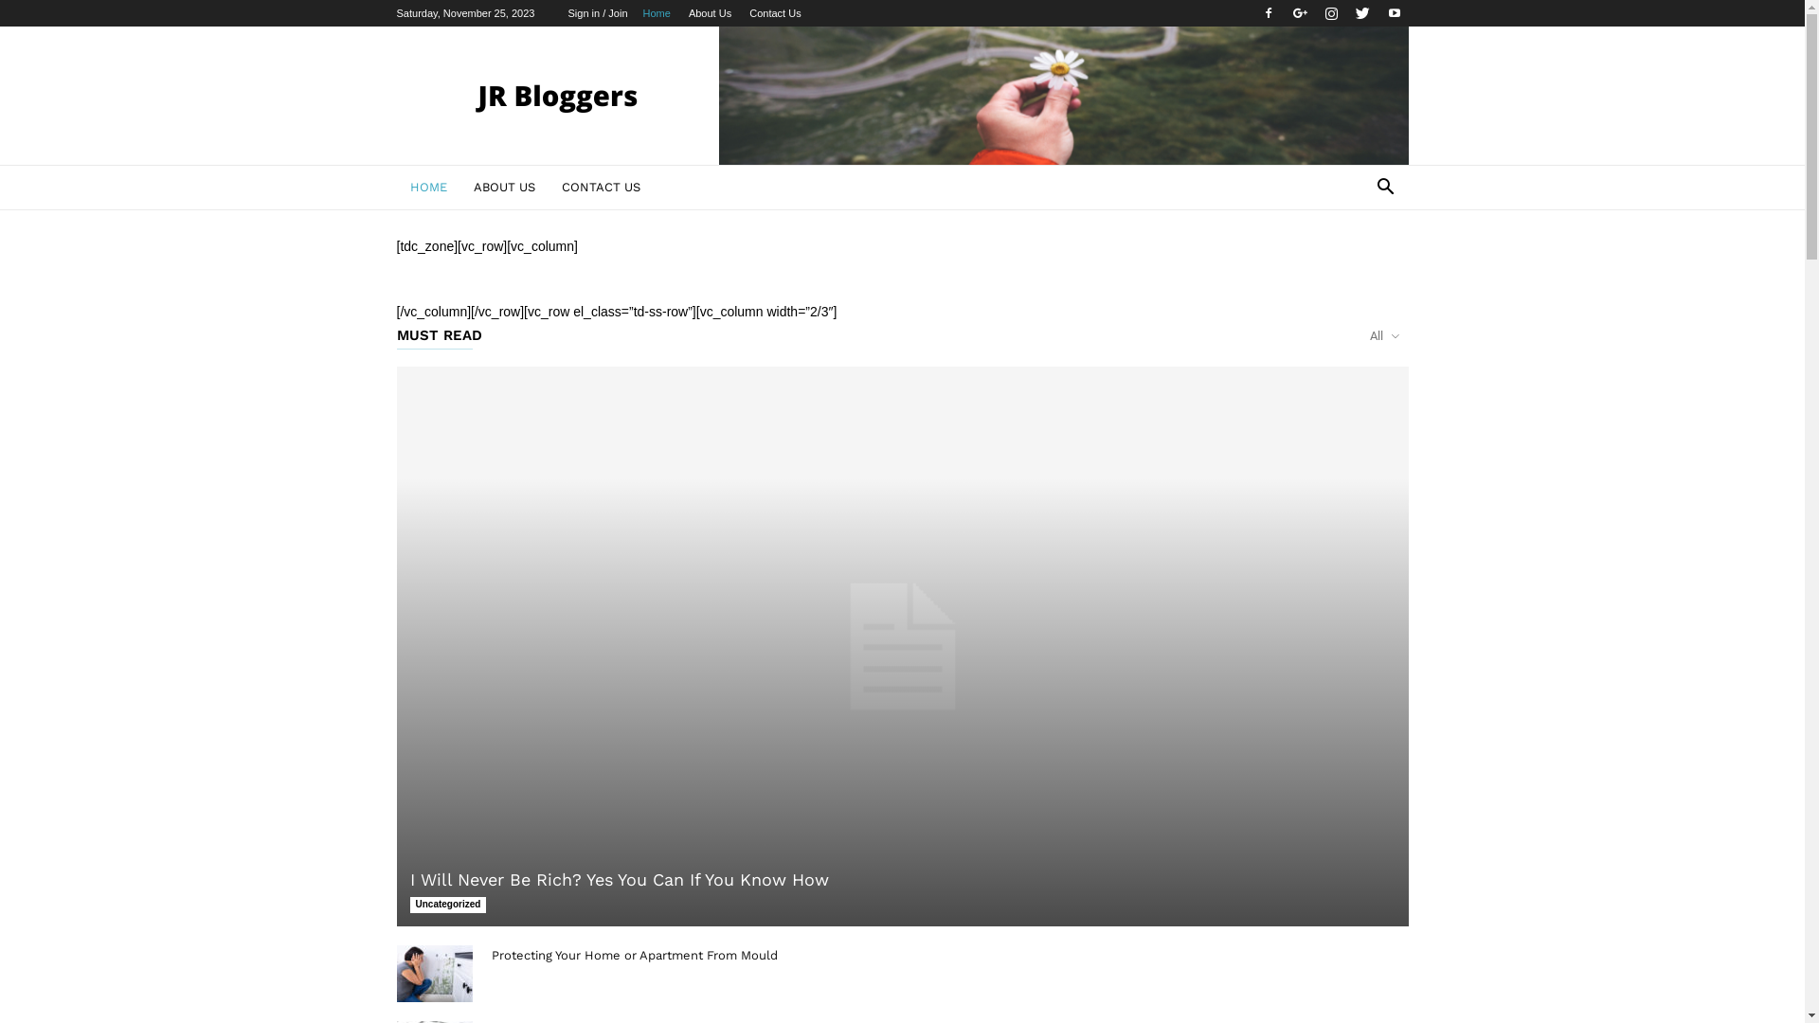 Image resolution: width=1819 pixels, height=1023 pixels. I want to click on 'Home', so click(656, 13).